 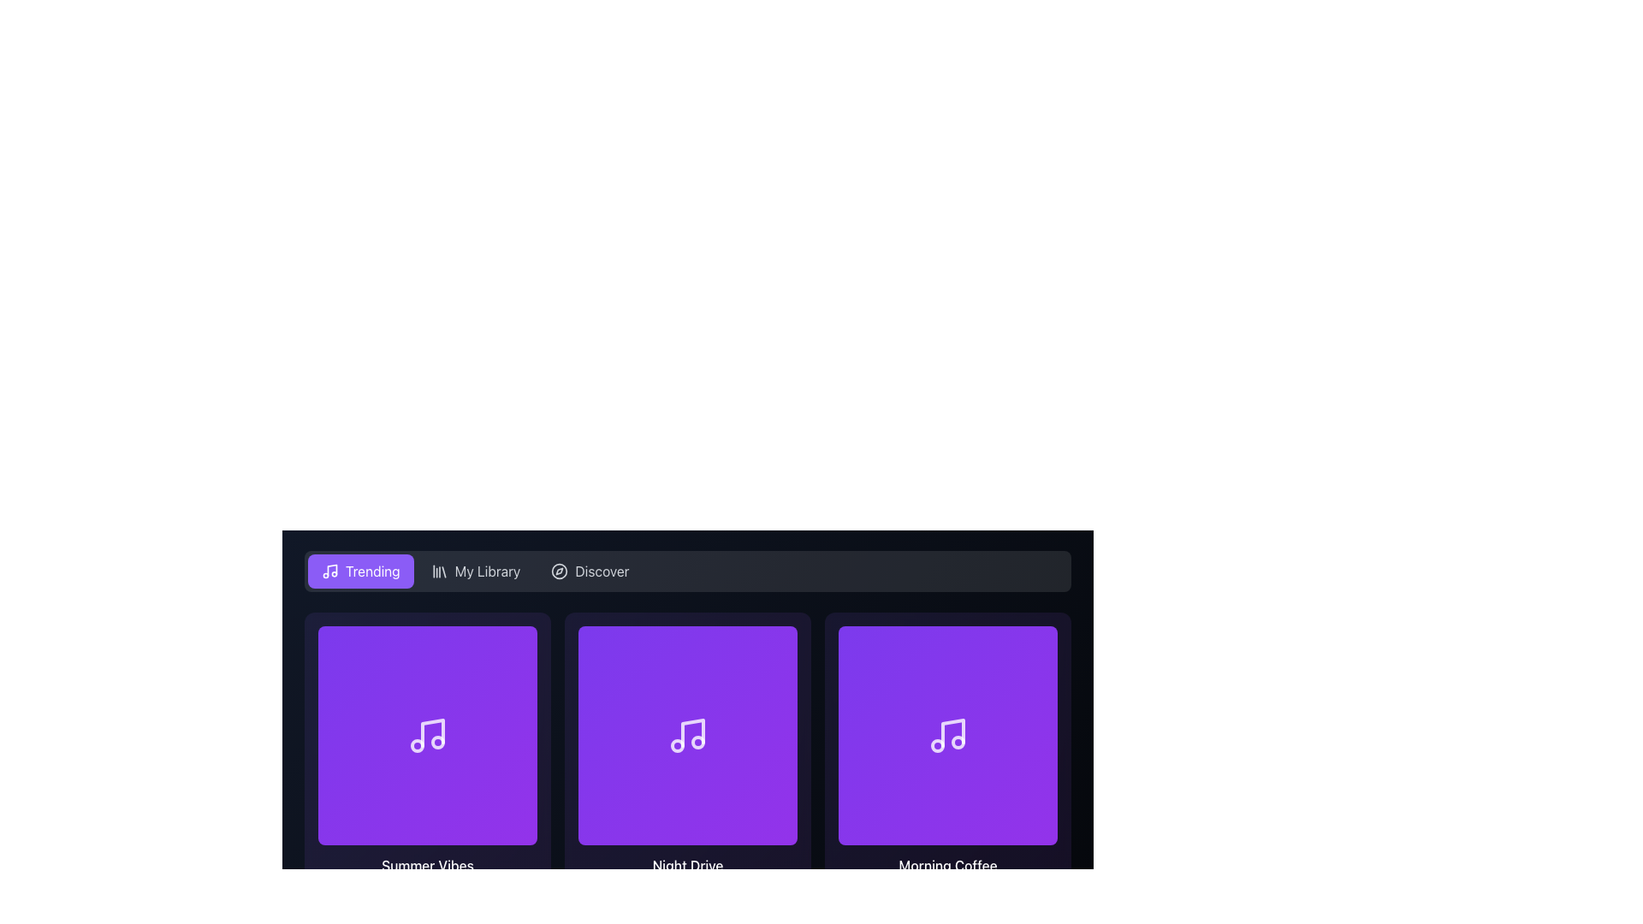 I want to click on the 'Discover' icon located in the horizontal navbar of the application, so click(x=560, y=571).